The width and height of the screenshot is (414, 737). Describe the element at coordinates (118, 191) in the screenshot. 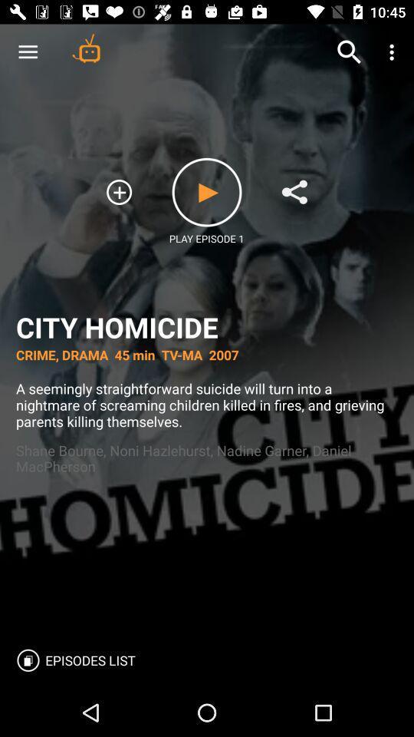

I see `episode to watchlist` at that location.